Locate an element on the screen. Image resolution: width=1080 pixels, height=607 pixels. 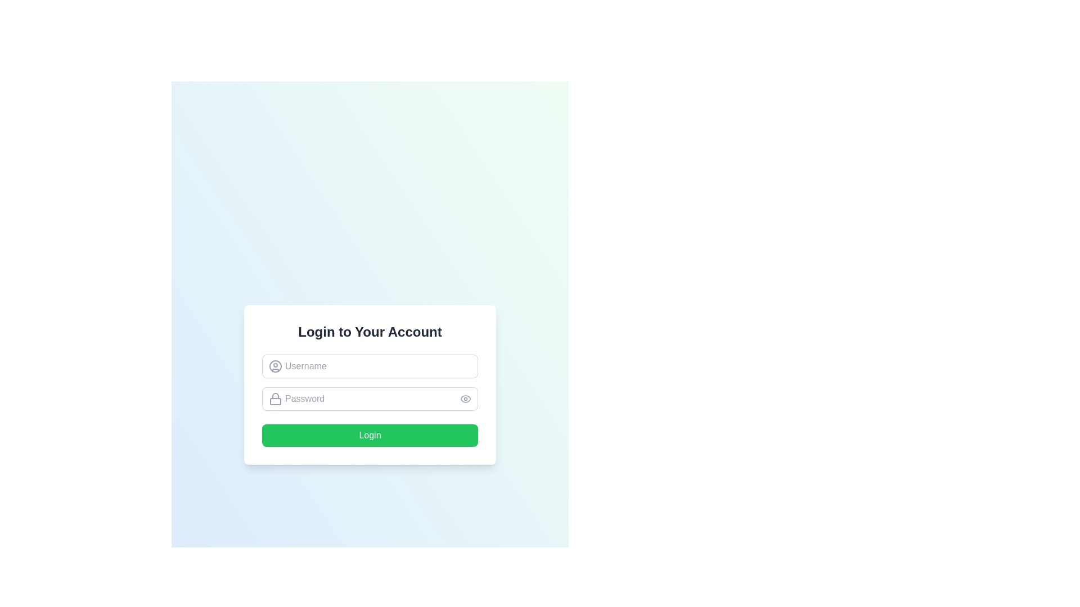
the login button located at the bottom center of the form layout to initiate the login process is located at coordinates (370, 435).